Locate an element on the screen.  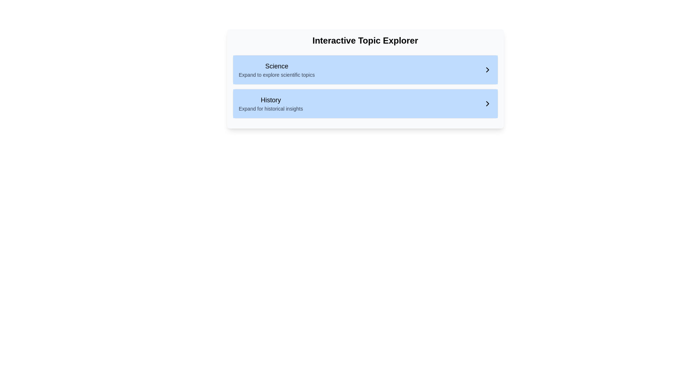
the Text Label under the 'Interactive Topic Explorer' header that expands is located at coordinates (276, 70).